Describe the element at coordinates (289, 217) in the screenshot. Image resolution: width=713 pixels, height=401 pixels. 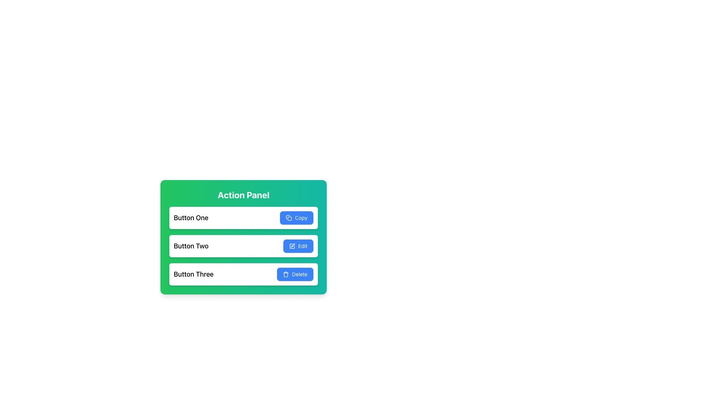
I see `the copy icon located inside the top button of the interface section that displays the 'Copy,' 'Edit,' and 'Delete' action buttons, positioned to the left of the 'Copy' text` at that location.